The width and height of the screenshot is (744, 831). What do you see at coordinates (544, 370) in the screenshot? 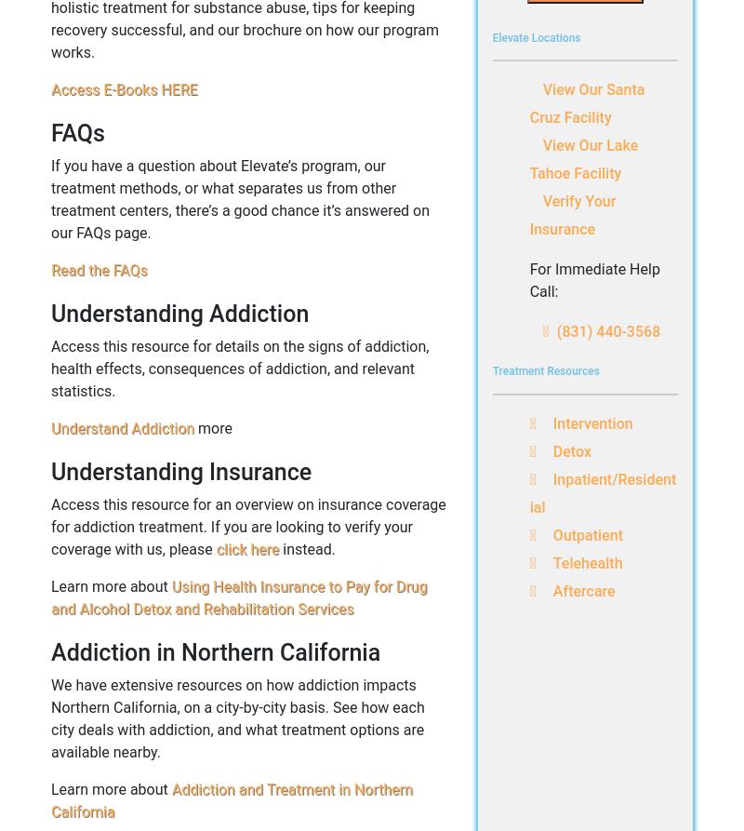
I see `'Treatment Resources'` at bounding box center [544, 370].